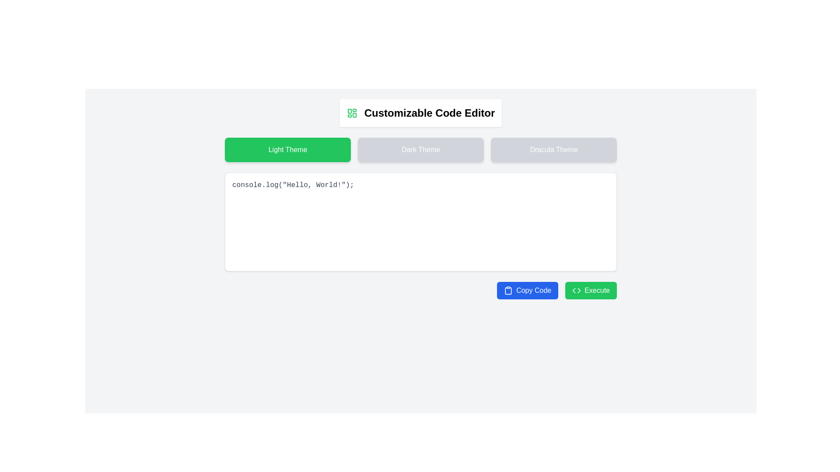 This screenshot has width=840, height=472. Describe the element at coordinates (430, 112) in the screenshot. I see `the text heading displaying 'Customizable Code Editor', which is a large, bold title located in the top section of a card component, positioned to the right of a layout dashboard icon` at that location.